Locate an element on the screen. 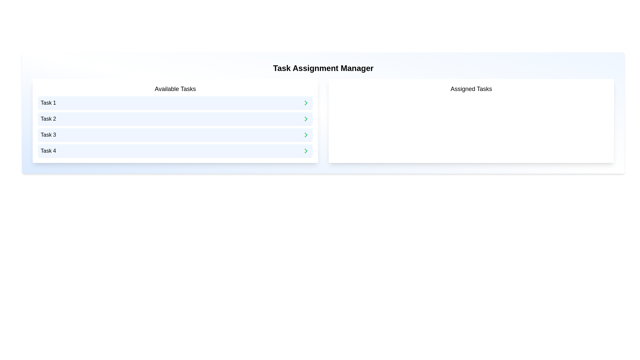 The width and height of the screenshot is (640, 360). the task Task 4 to highlight it is located at coordinates (175, 151).